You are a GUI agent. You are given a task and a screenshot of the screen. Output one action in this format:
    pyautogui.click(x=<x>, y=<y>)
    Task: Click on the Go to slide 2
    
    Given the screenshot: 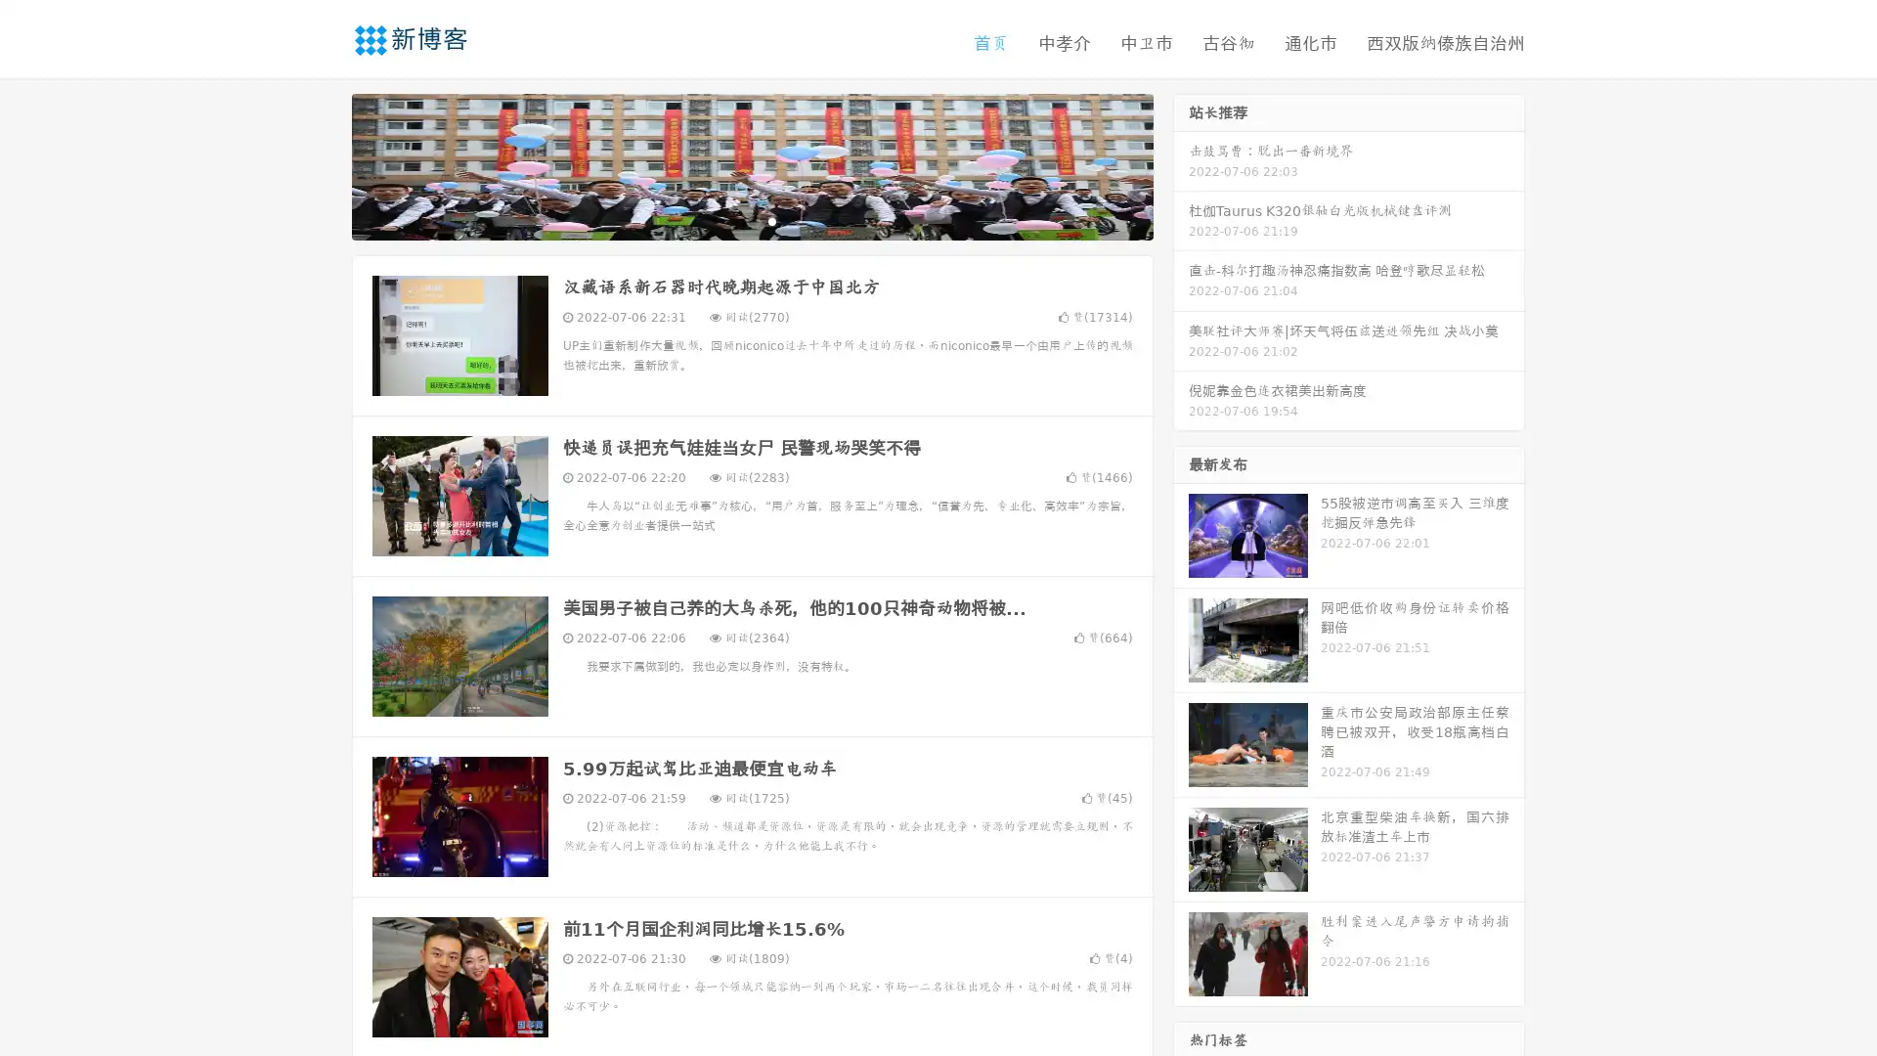 What is the action you would take?
    pyautogui.click(x=751, y=220)
    